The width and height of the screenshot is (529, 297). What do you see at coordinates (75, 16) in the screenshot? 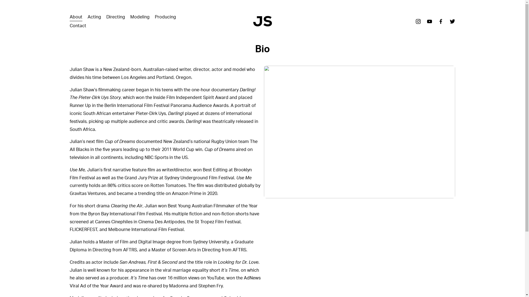
I see `'About'` at bounding box center [75, 16].